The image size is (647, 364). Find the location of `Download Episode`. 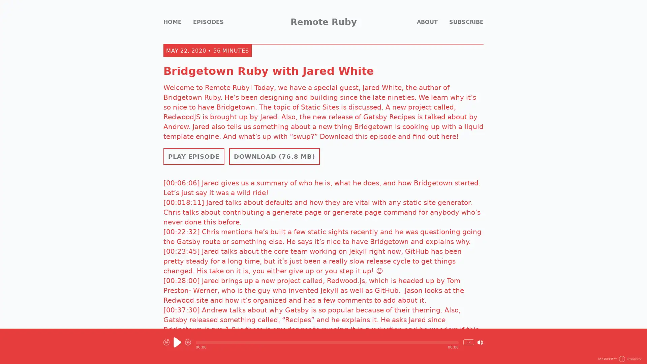

Download Episode is located at coordinates (274, 156).